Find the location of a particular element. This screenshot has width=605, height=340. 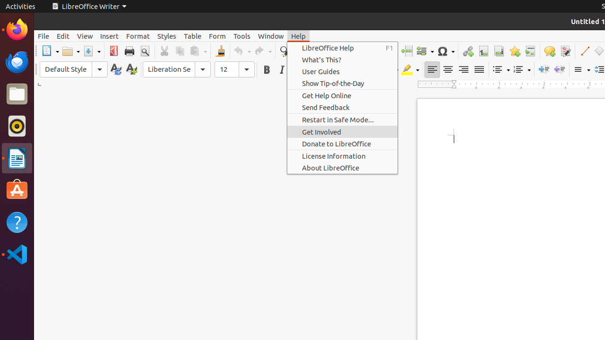

'Paste' is located at coordinates (197, 51).